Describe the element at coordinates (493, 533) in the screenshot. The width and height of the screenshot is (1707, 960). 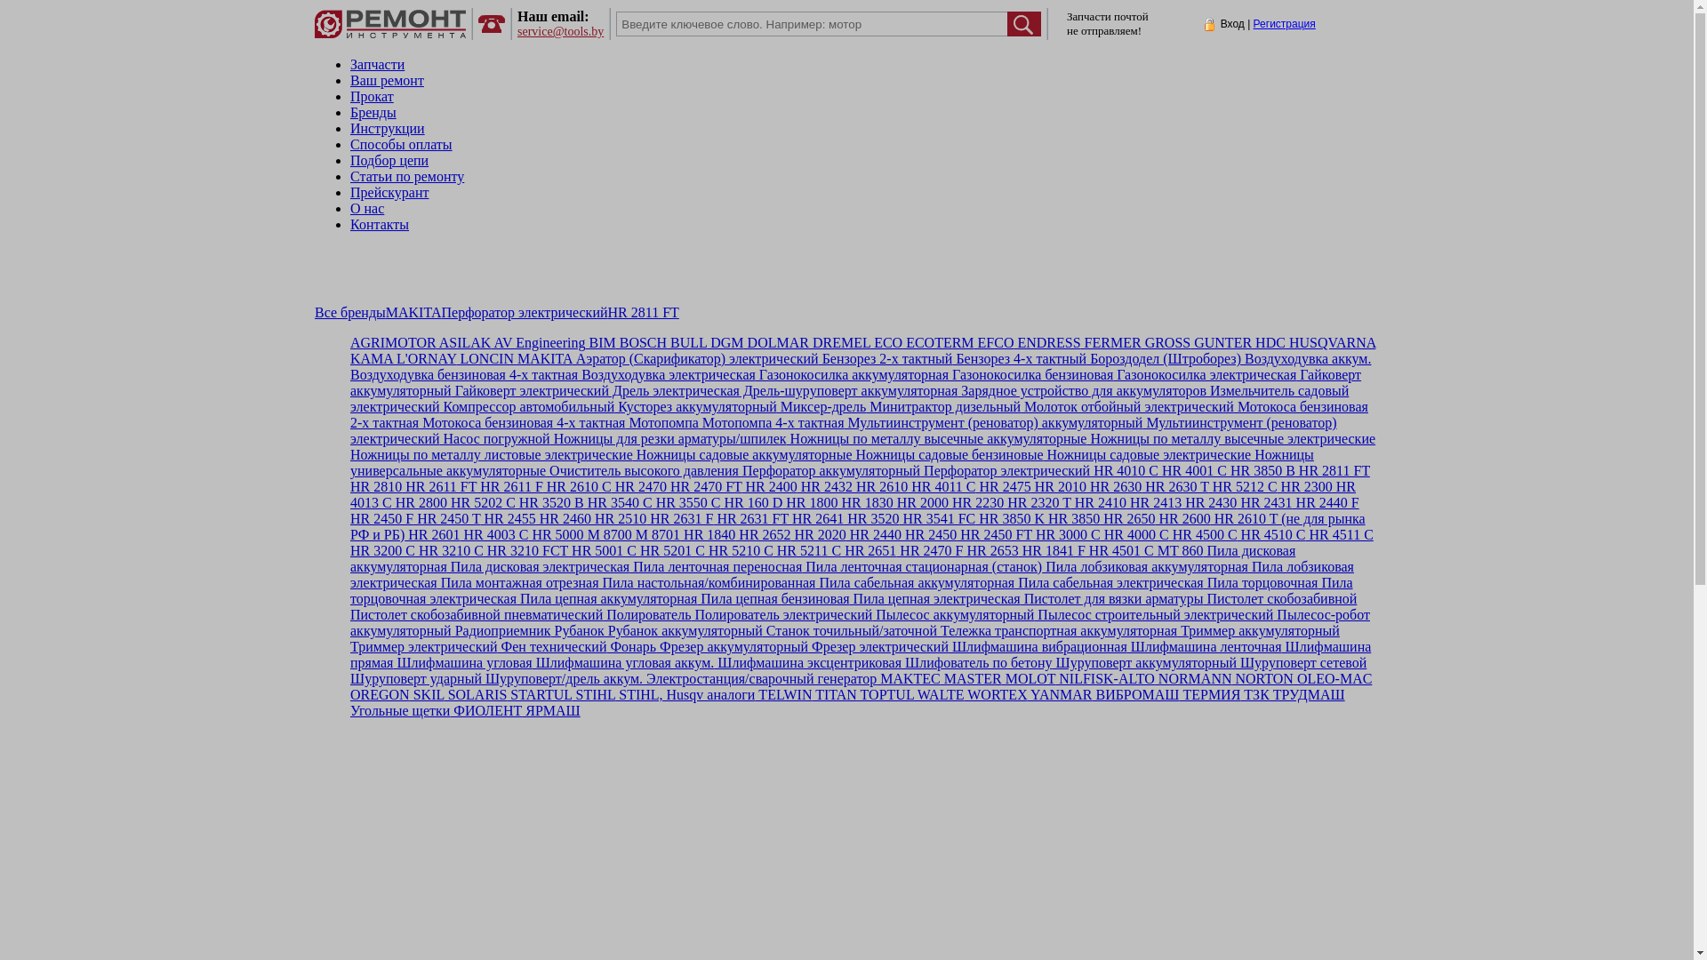
I see `'HR 4003 C'` at that location.